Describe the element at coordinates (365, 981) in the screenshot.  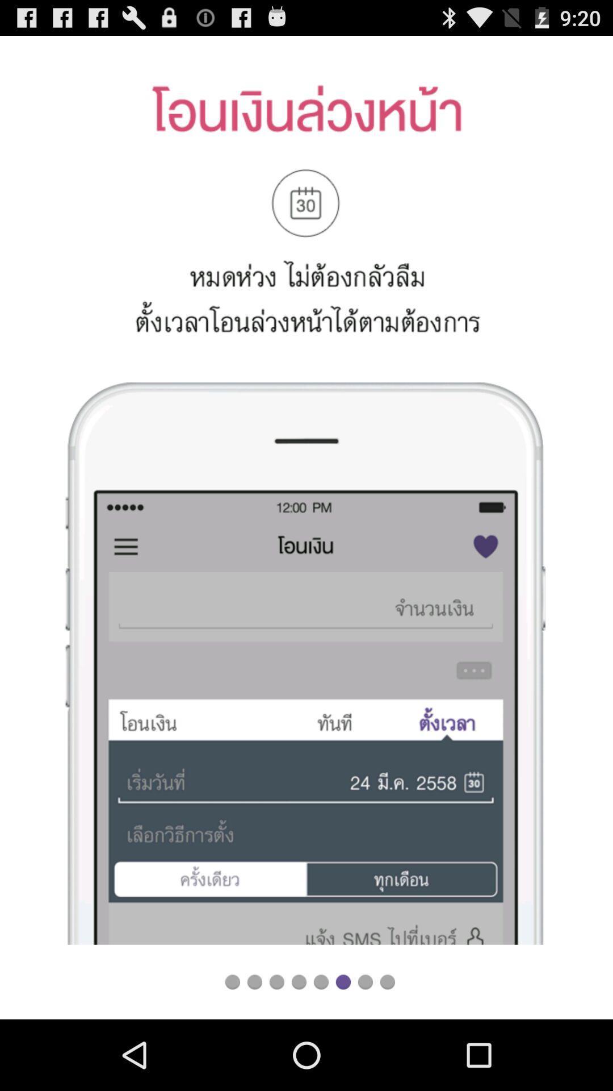
I see `next slide show` at that location.